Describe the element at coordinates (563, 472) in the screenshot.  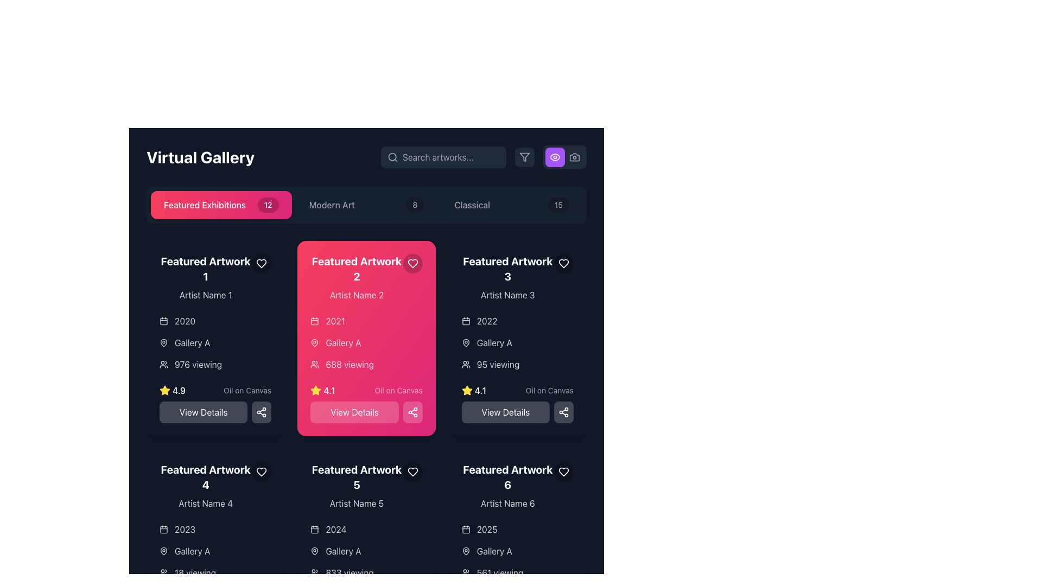
I see `the heart icon styled as a favorite or like indicator located in the top-right corner of the card labeled 'Featured Artwork 6'` at that location.